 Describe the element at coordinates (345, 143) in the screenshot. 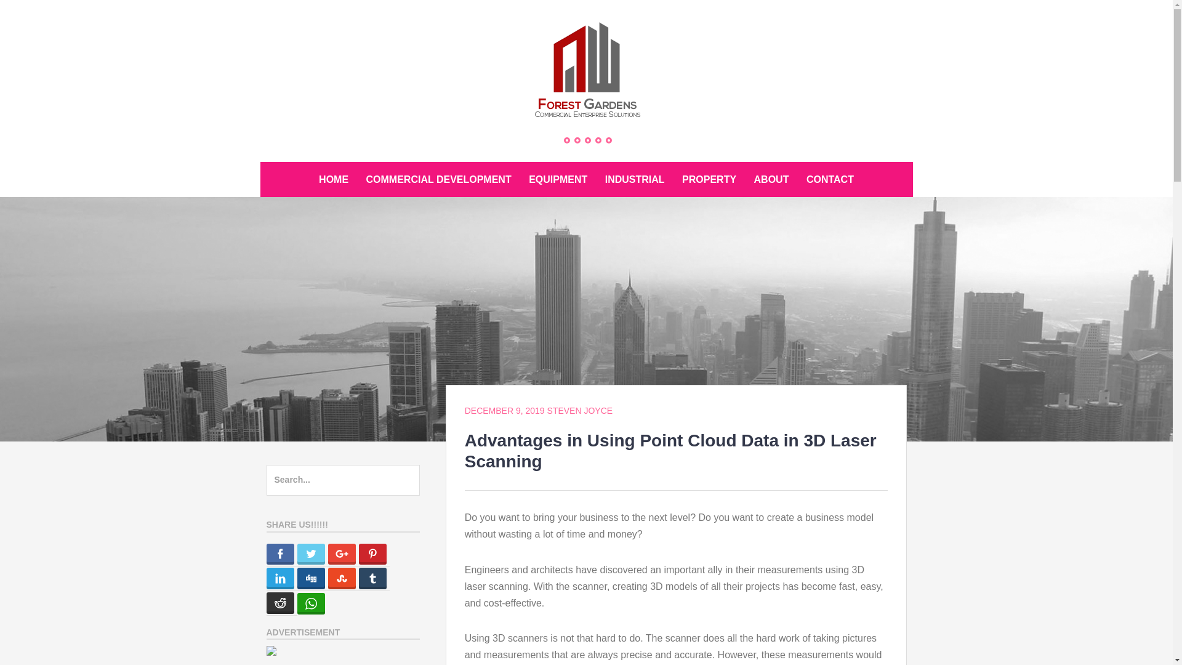

I see `'FOREST GARDENS'` at that location.